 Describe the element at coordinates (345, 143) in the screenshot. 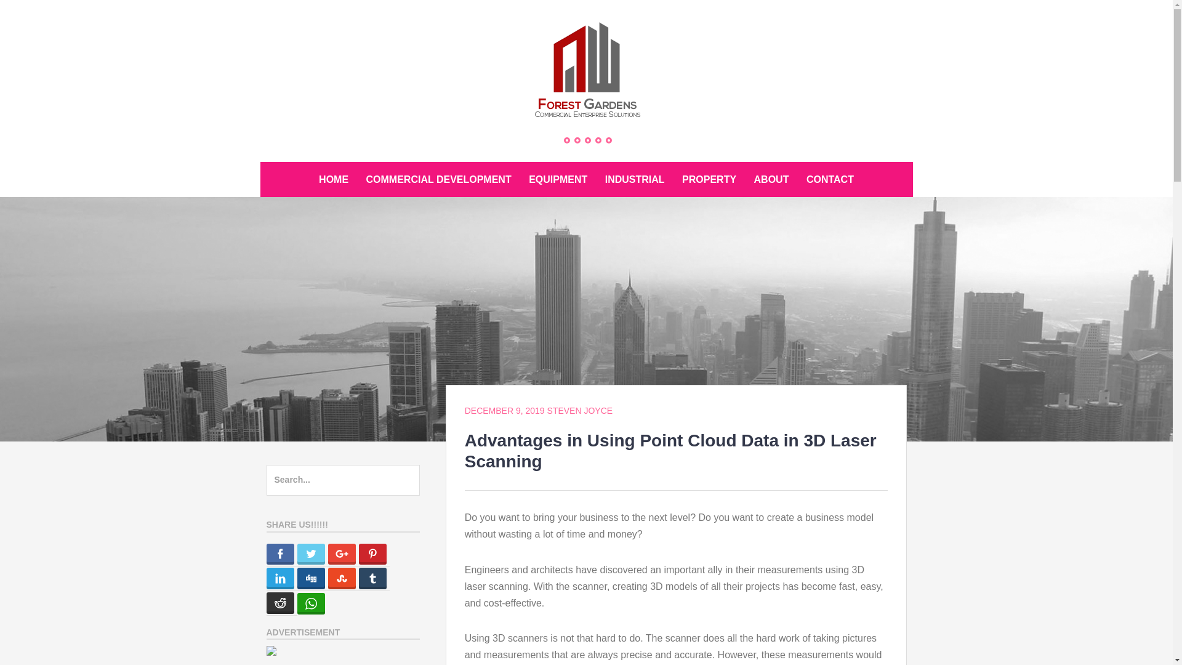

I see `'FOREST GARDENS'` at that location.